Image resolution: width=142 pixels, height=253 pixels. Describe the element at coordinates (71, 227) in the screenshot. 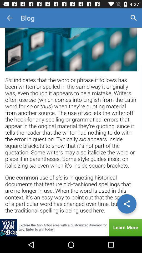

I see `explore the advertisement` at that location.